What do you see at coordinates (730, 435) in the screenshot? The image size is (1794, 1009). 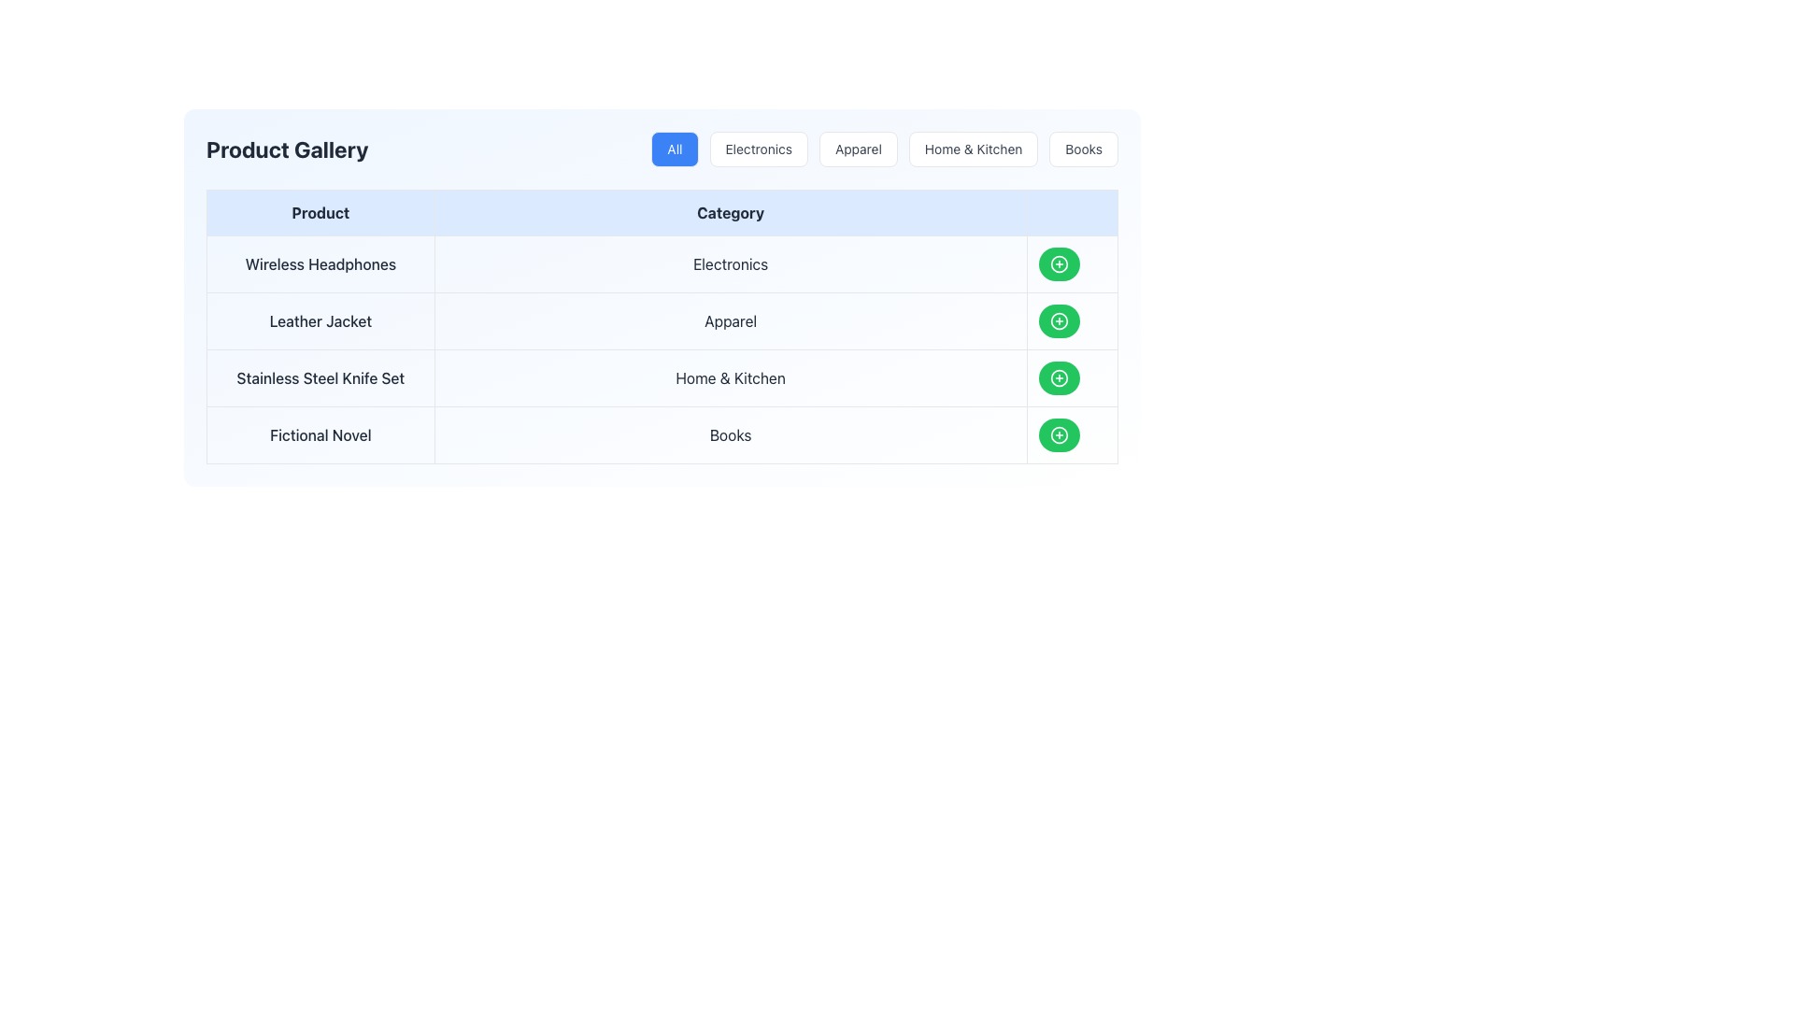 I see `the category name text` at bounding box center [730, 435].